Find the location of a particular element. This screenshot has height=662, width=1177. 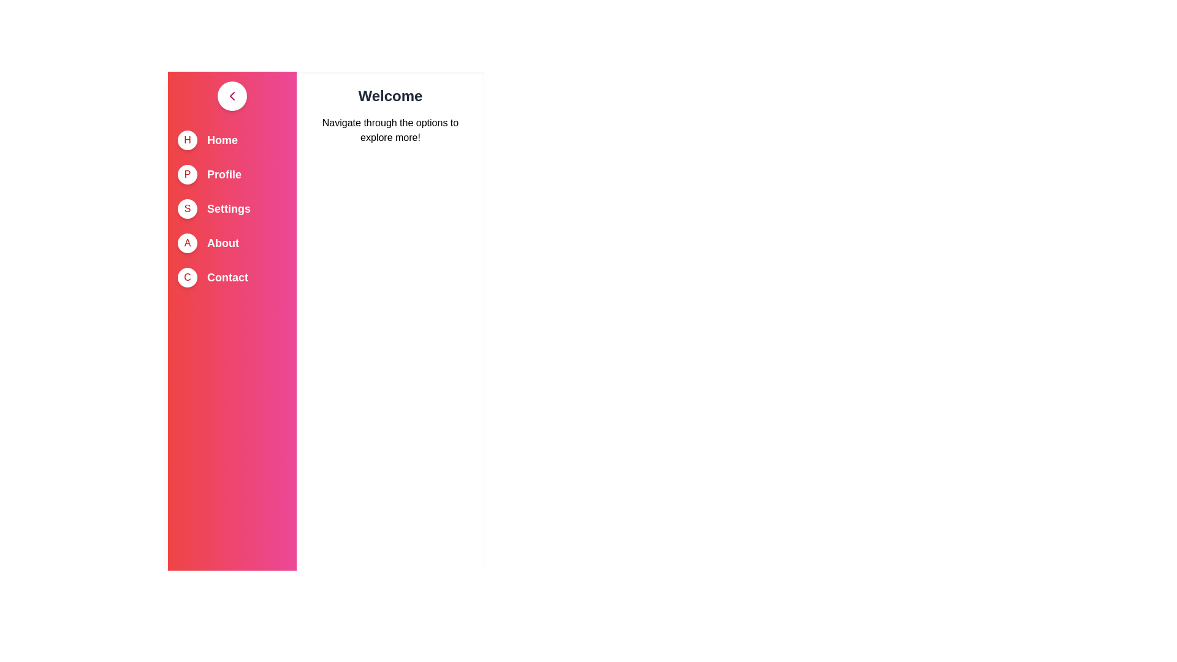

the menu item Profile is located at coordinates (224, 175).